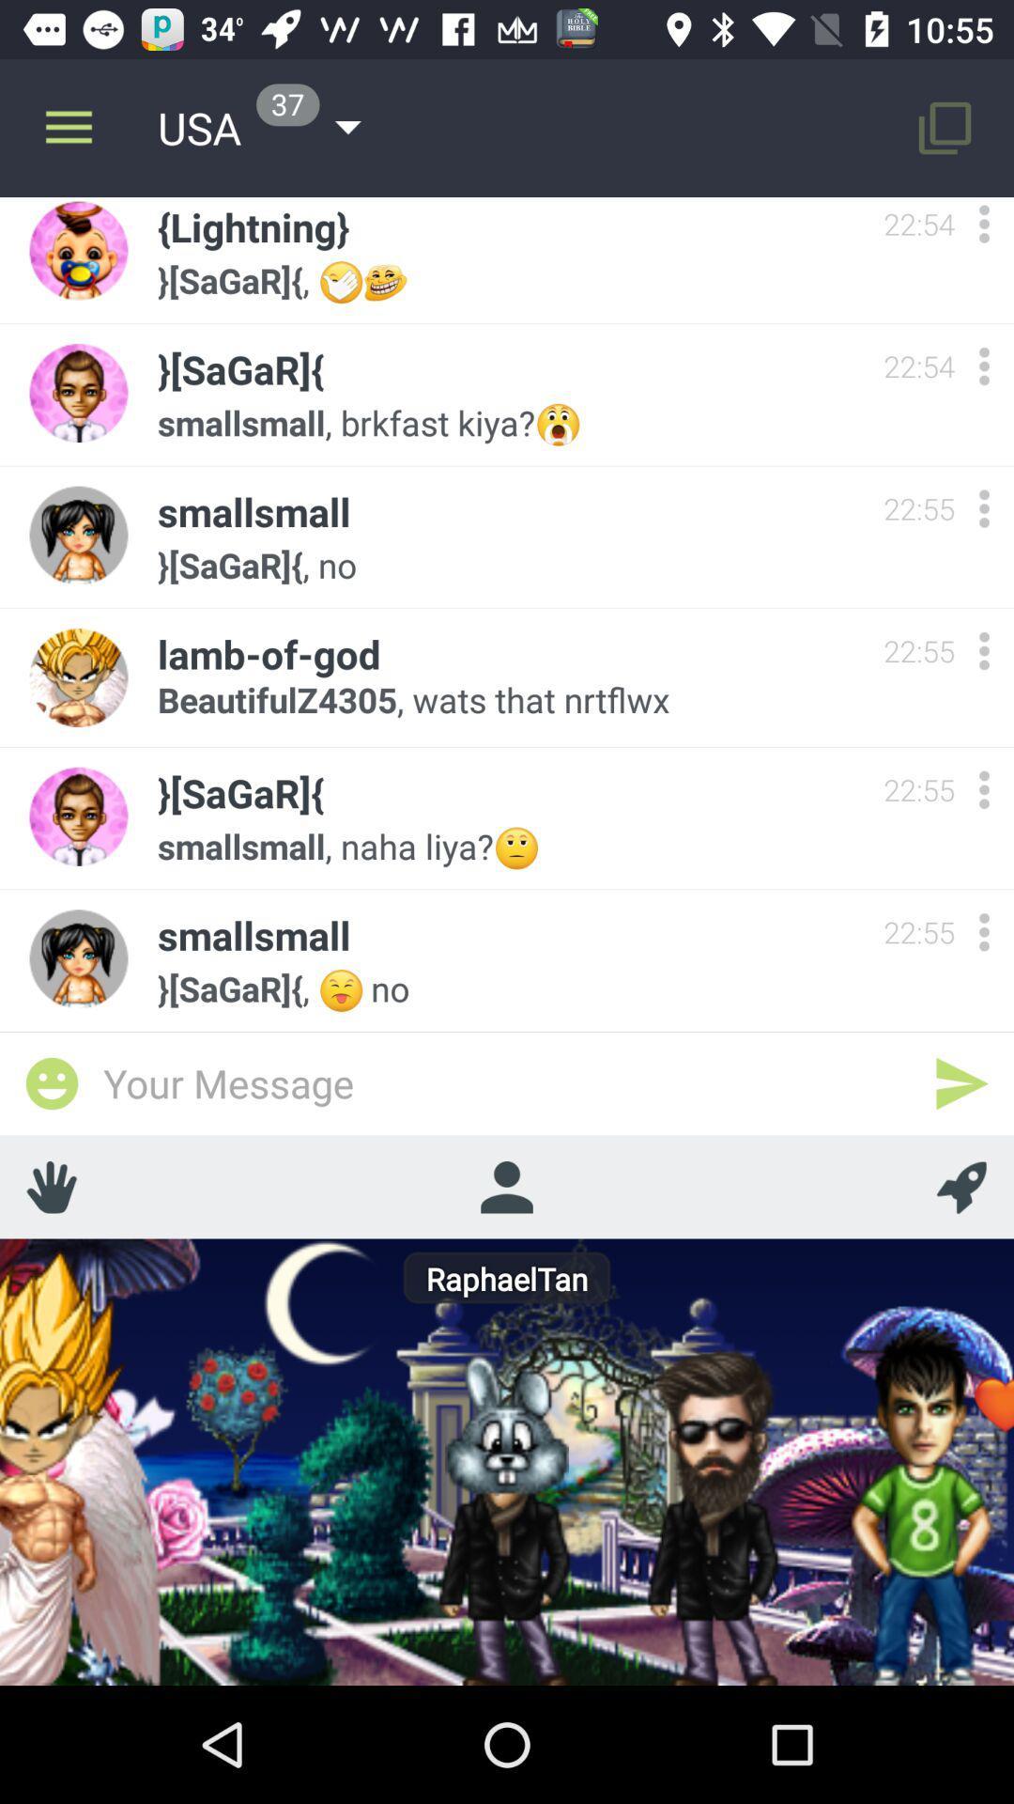  What do you see at coordinates (51, 1083) in the screenshot?
I see `the emoji icon` at bounding box center [51, 1083].